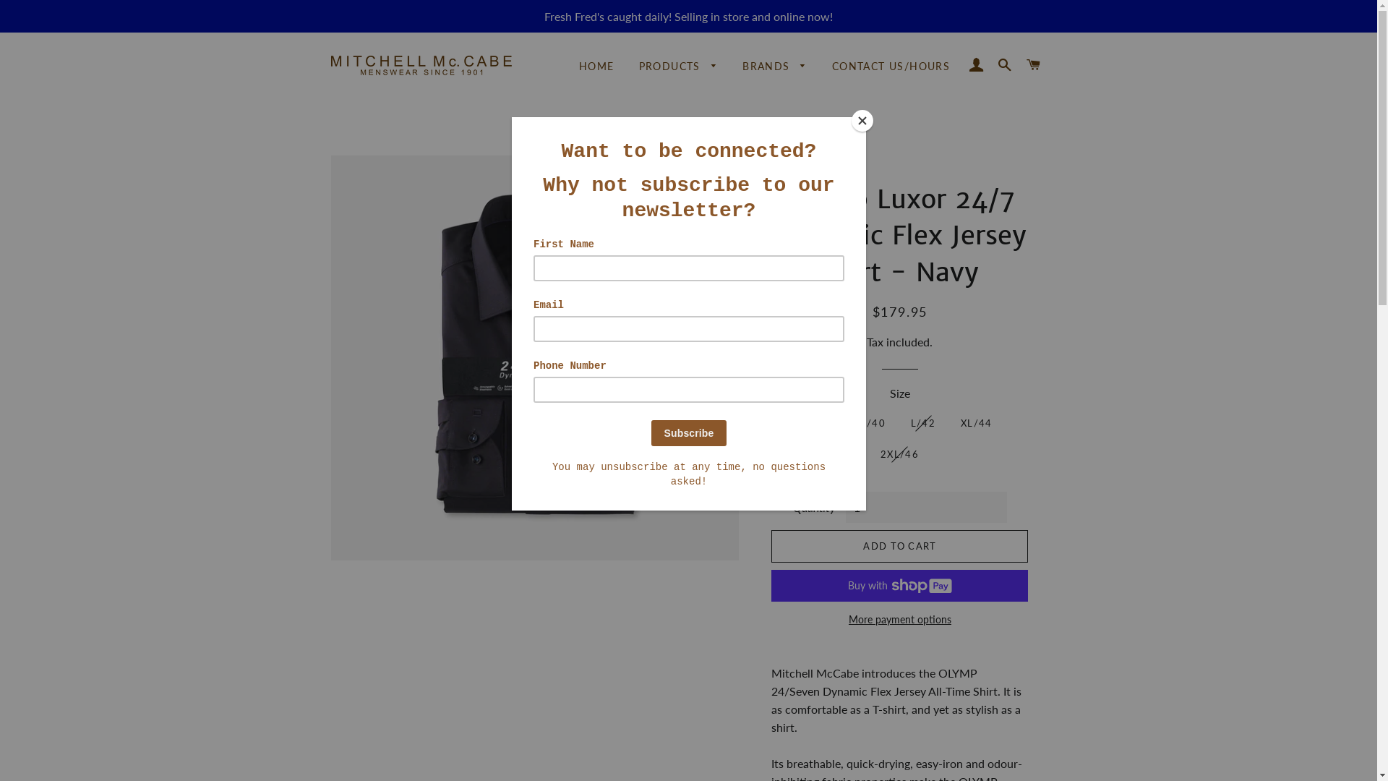 The image size is (1388, 781). I want to click on 'BRANDS', so click(774, 67).